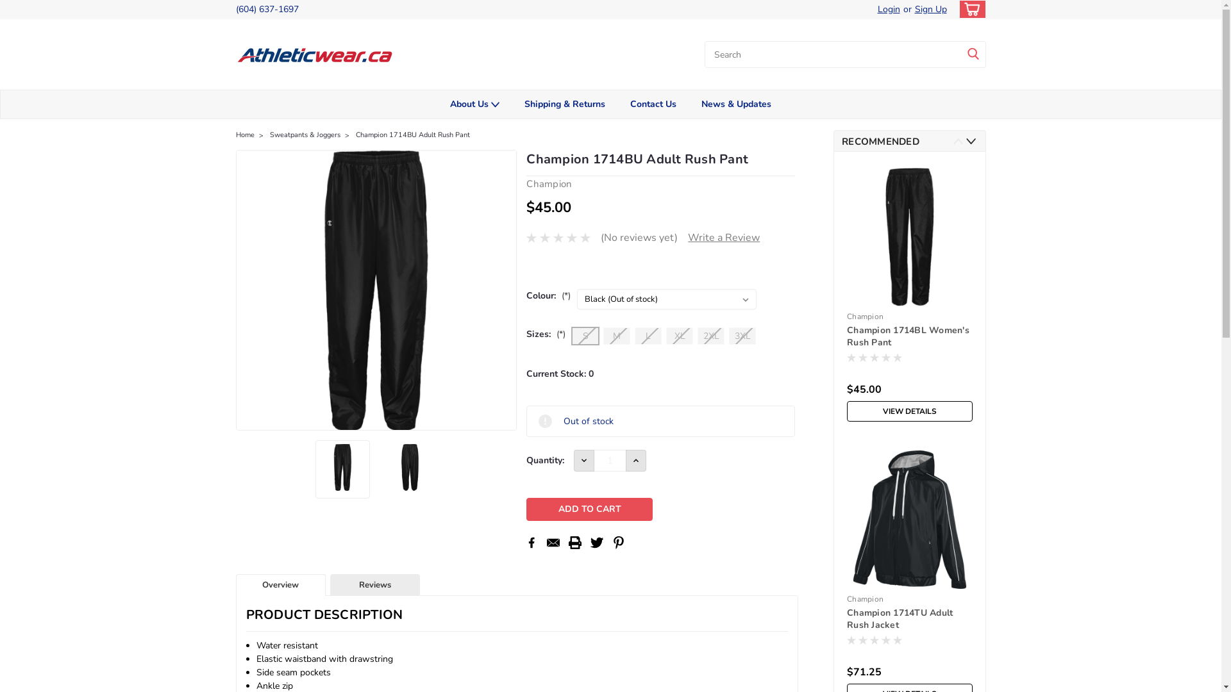 The image size is (1231, 692). I want to click on 'Sweatpants & Joggers', so click(304, 135).